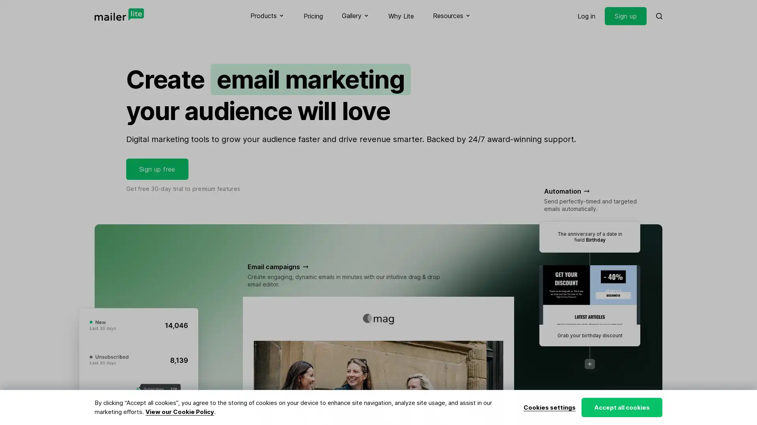 This screenshot has width=757, height=425. Describe the element at coordinates (549, 407) in the screenshot. I see `Cookies settings` at that location.